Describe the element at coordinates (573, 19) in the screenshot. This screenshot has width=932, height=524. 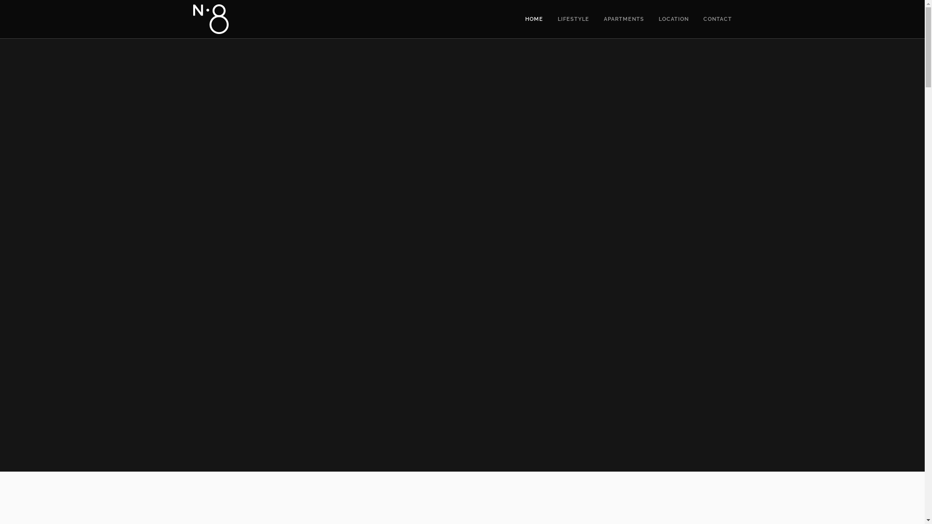
I see `'LIFESTYLE'` at that location.